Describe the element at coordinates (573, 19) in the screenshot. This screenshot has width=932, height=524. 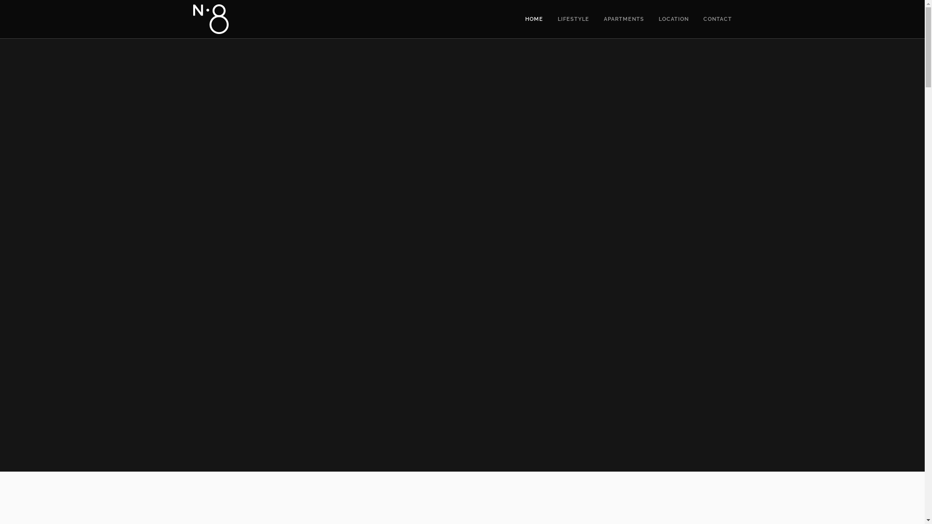
I see `'LIFESTYLE'` at that location.